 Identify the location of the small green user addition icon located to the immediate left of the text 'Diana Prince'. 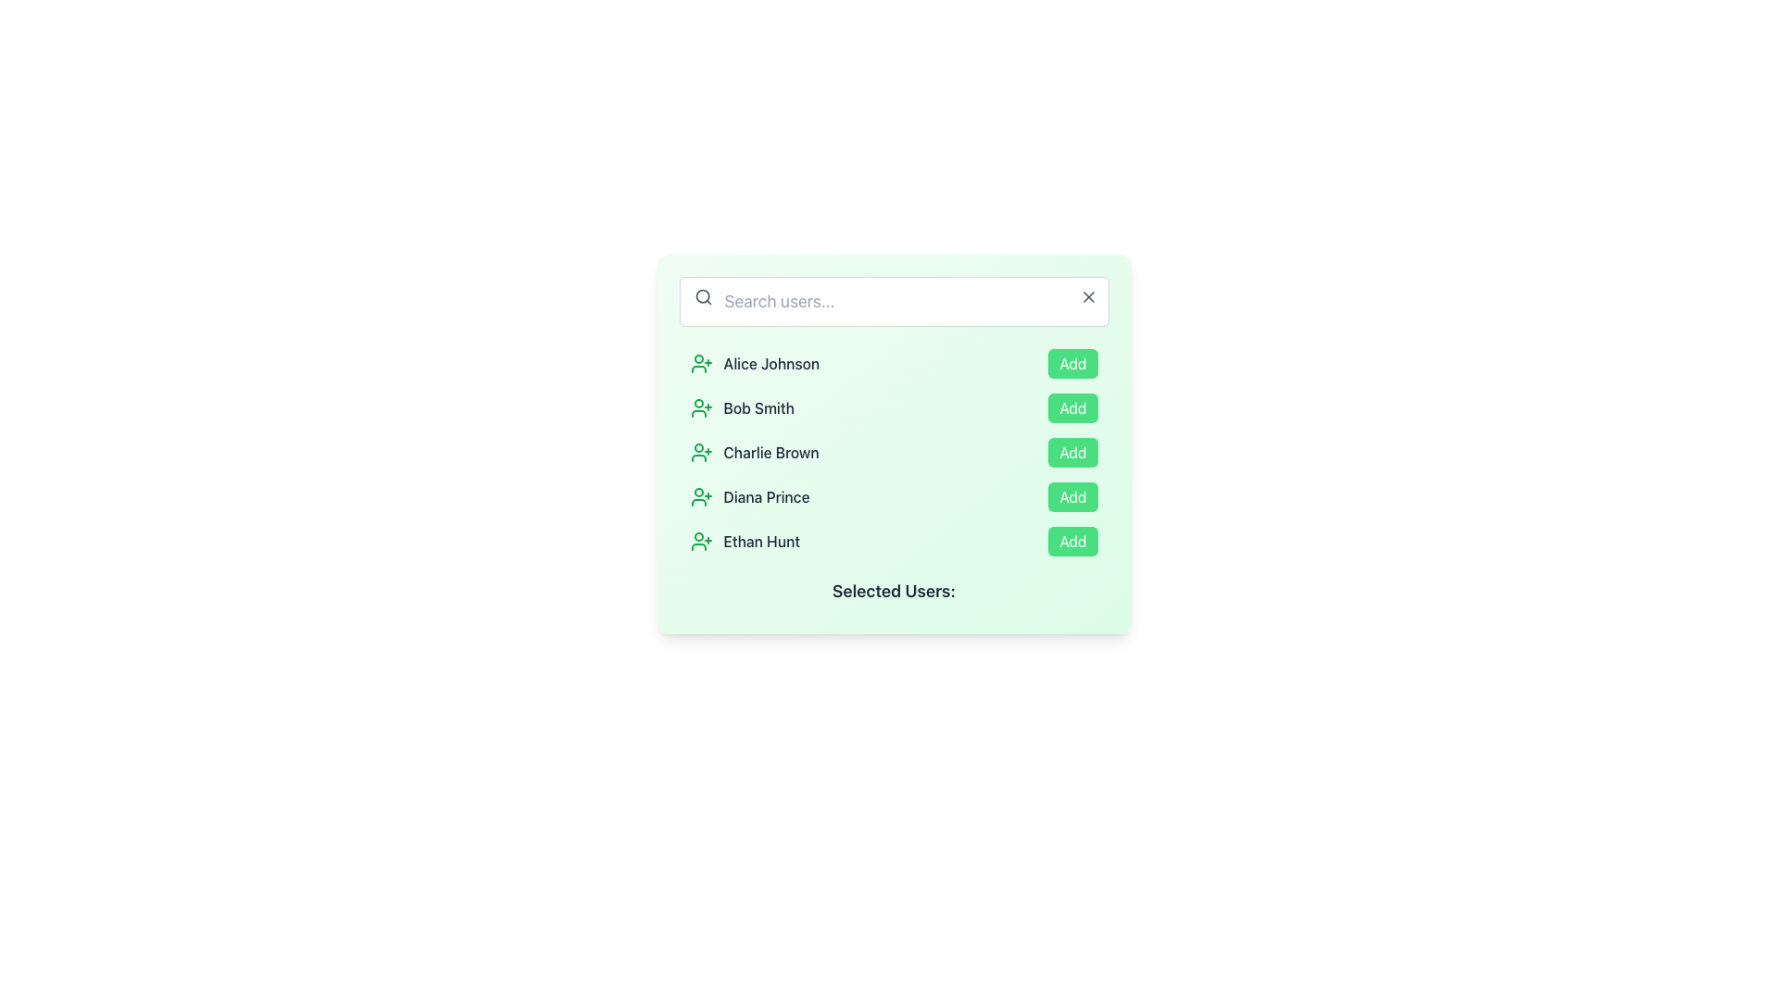
(700, 495).